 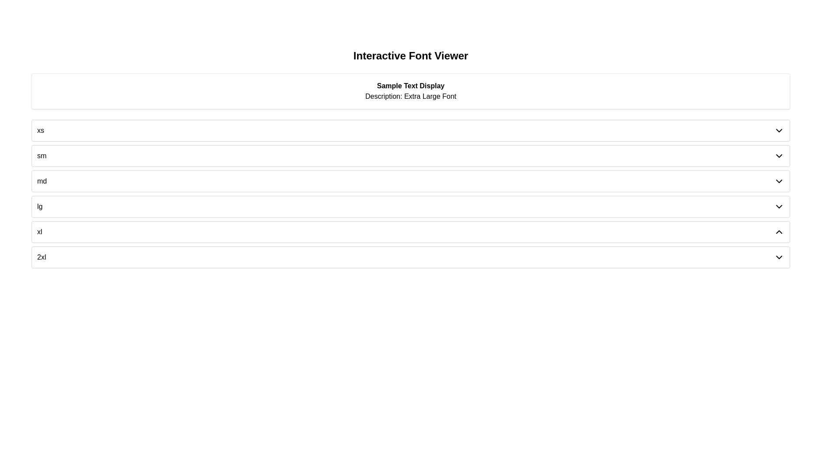 What do you see at coordinates (779, 207) in the screenshot?
I see `the icon located in the dropdown row labeled 'lg' towards the right end` at bounding box center [779, 207].